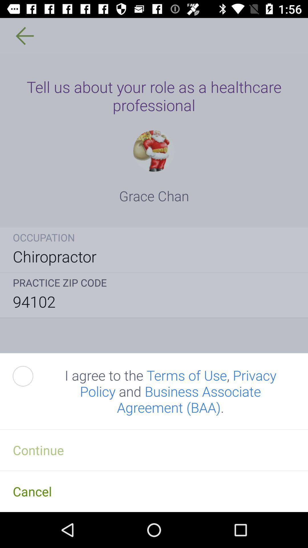 This screenshot has height=548, width=308. I want to click on i agree to icon, so click(170, 391).